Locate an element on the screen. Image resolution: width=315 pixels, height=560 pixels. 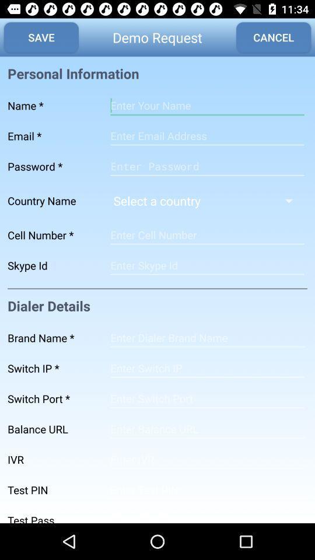
address page is located at coordinates (206, 490).